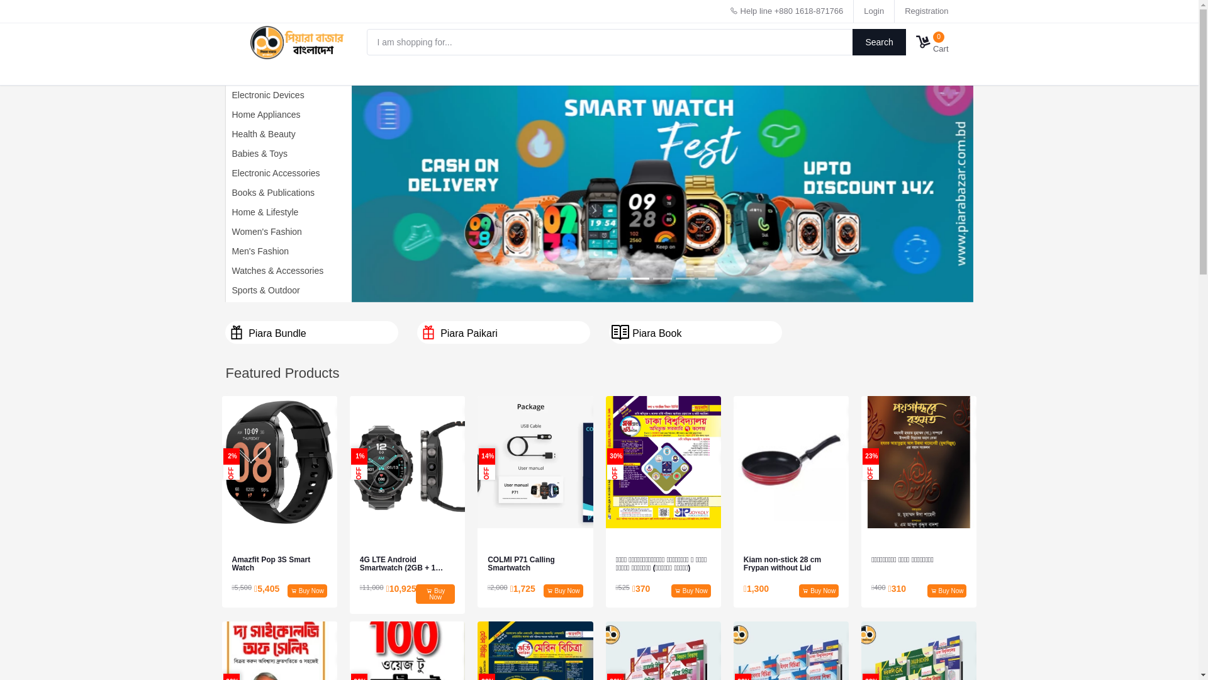 This screenshot has height=680, width=1208. What do you see at coordinates (262, 231) in the screenshot?
I see `'Women's Fashion'` at bounding box center [262, 231].